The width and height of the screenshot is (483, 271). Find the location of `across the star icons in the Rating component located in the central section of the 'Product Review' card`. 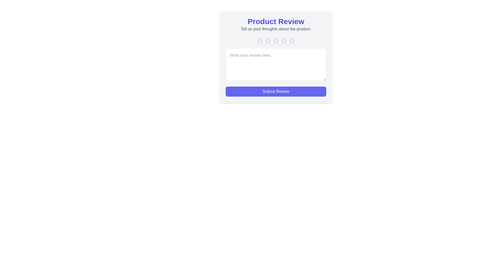

across the star icons in the Rating component located in the central section of the 'Product Review' card is located at coordinates (276, 41).